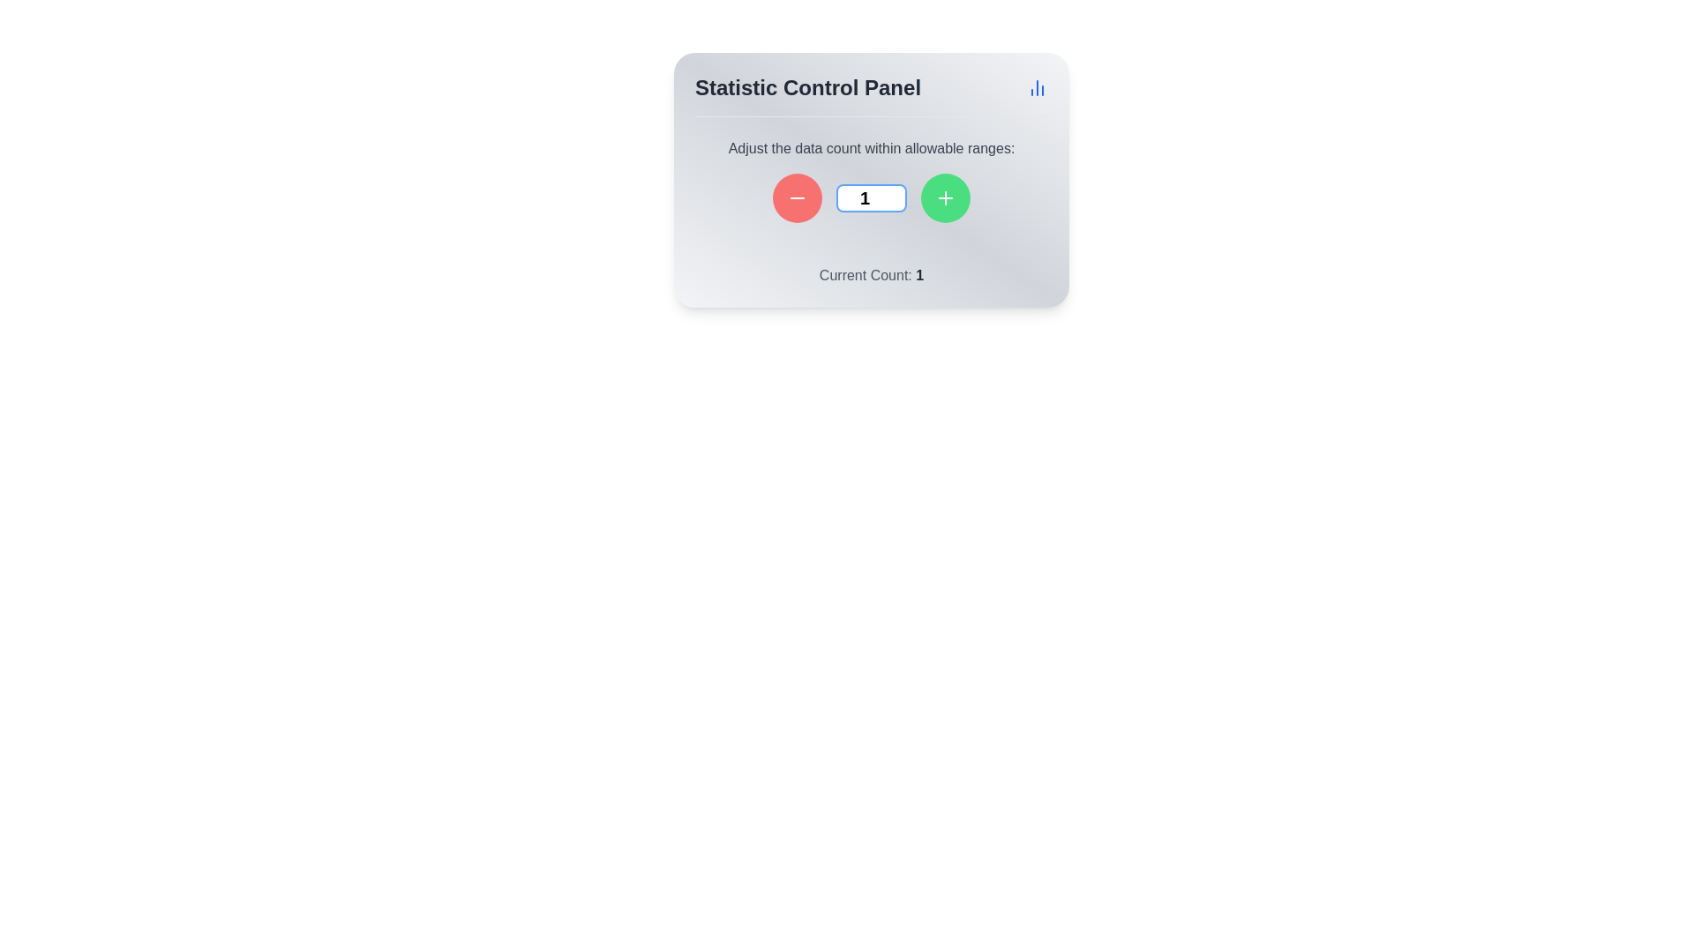  What do you see at coordinates (944, 197) in the screenshot?
I see `the circular green button with a white '+' icon located under the section labeled 'Adjust the data count within allowable ranges' to observe its interactive style change` at bounding box center [944, 197].